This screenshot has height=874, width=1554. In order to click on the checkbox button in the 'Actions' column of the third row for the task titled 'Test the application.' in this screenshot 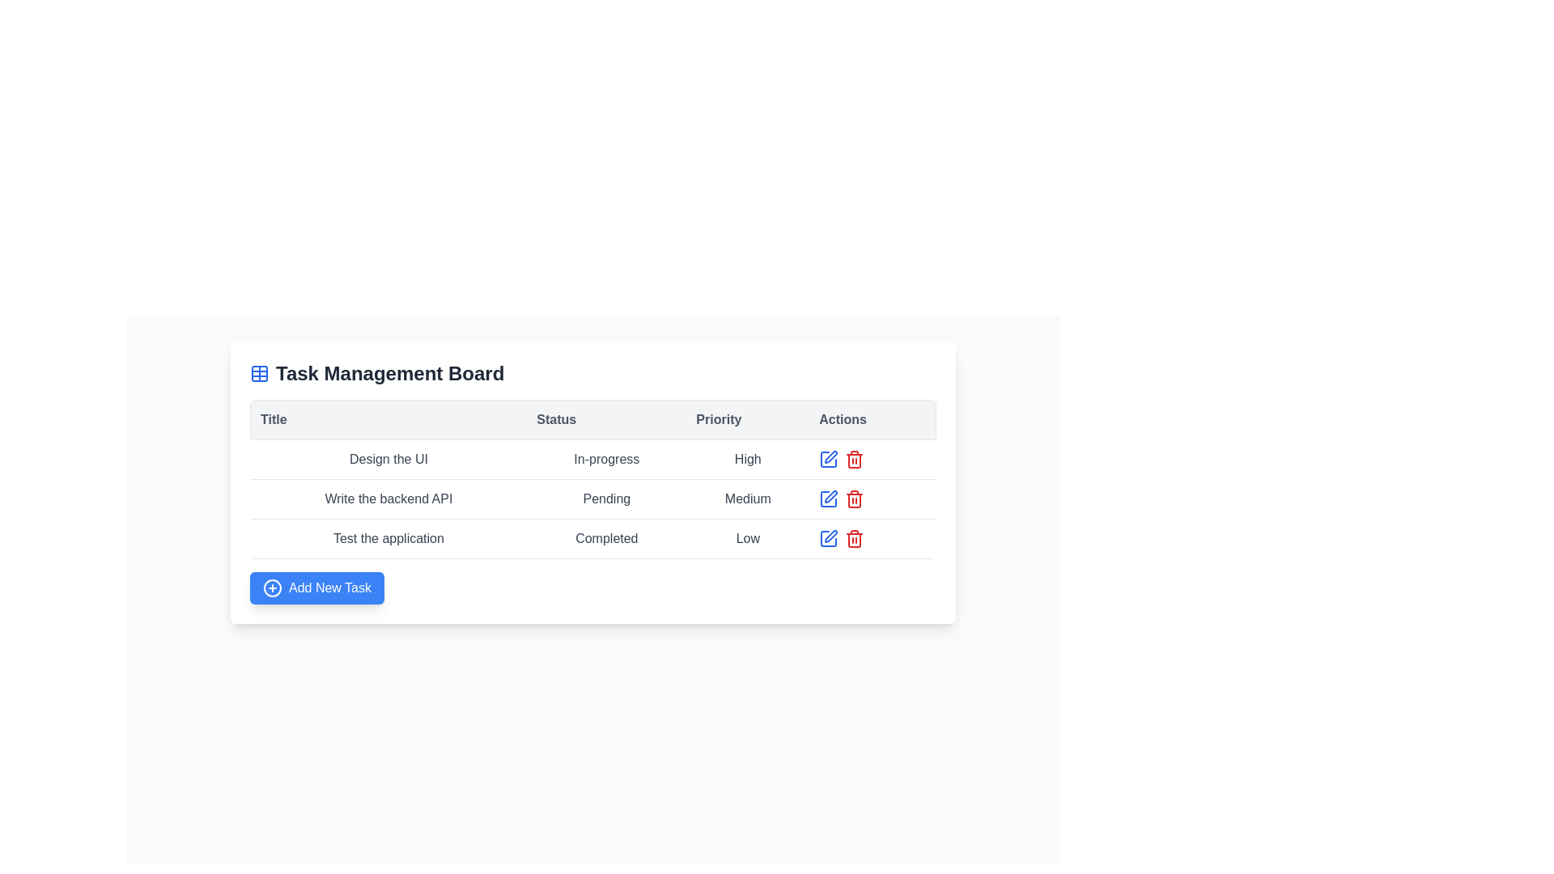, I will do `click(829, 459)`.